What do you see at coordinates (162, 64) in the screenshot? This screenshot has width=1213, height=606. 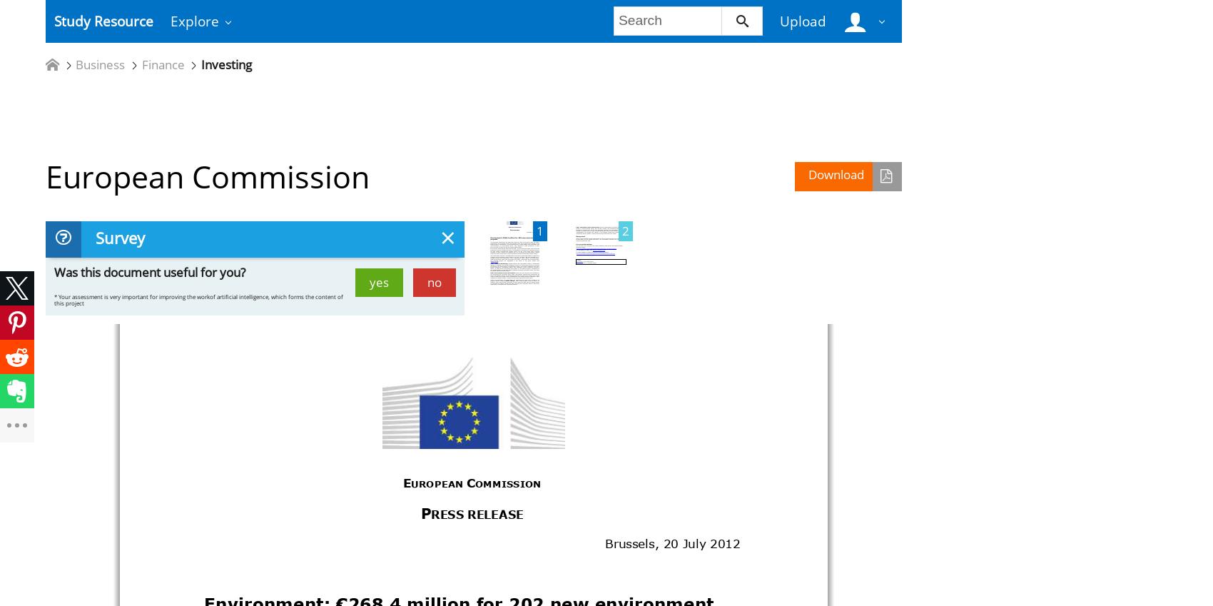 I see `'Finance'` at bounding box center [162, 64].